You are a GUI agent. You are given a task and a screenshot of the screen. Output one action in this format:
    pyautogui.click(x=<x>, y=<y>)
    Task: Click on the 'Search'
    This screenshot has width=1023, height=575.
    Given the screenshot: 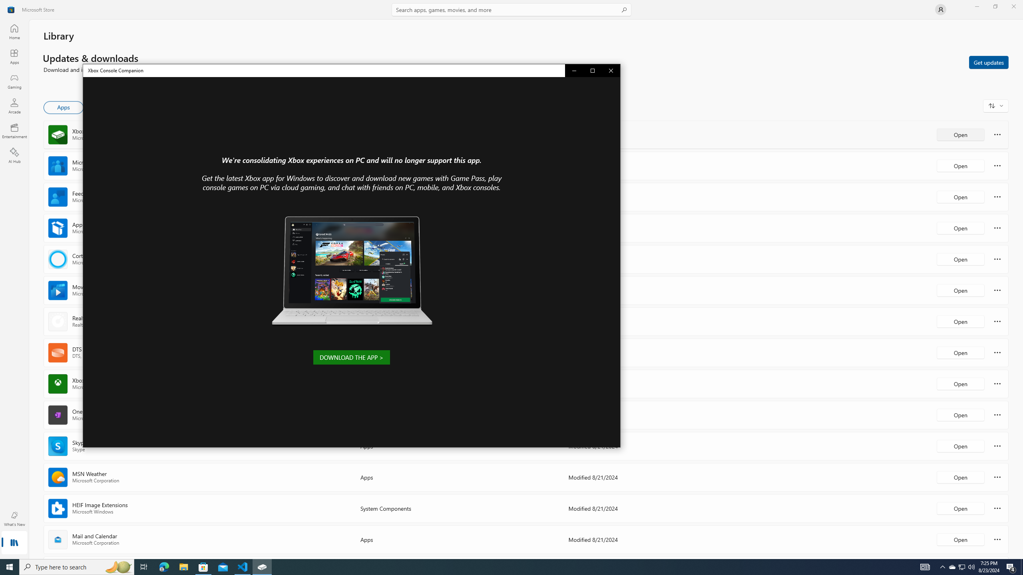 What is the action you would take?
    pyautogui.click(x=511, y=9)
    